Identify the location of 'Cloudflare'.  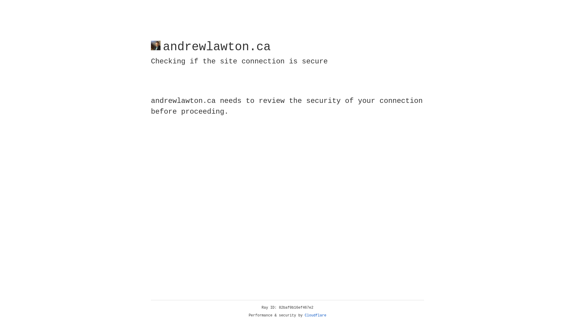
(315, 315).